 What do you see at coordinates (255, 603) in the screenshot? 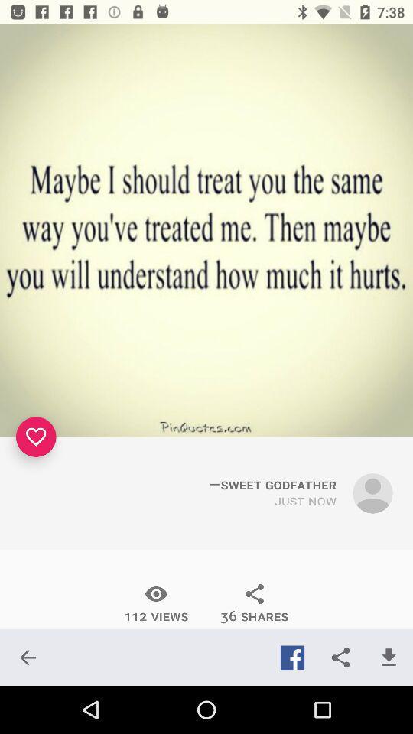
I see `36 shares` at bounding box center [255, 603].